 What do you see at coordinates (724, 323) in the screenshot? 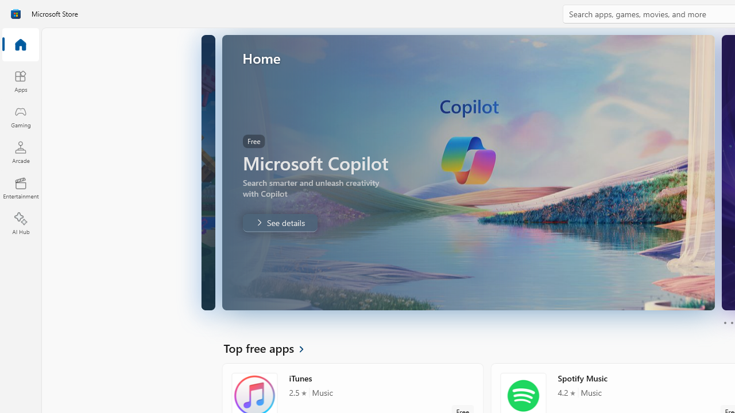
I see `'Page 1'` at bounding box center [724, 323].